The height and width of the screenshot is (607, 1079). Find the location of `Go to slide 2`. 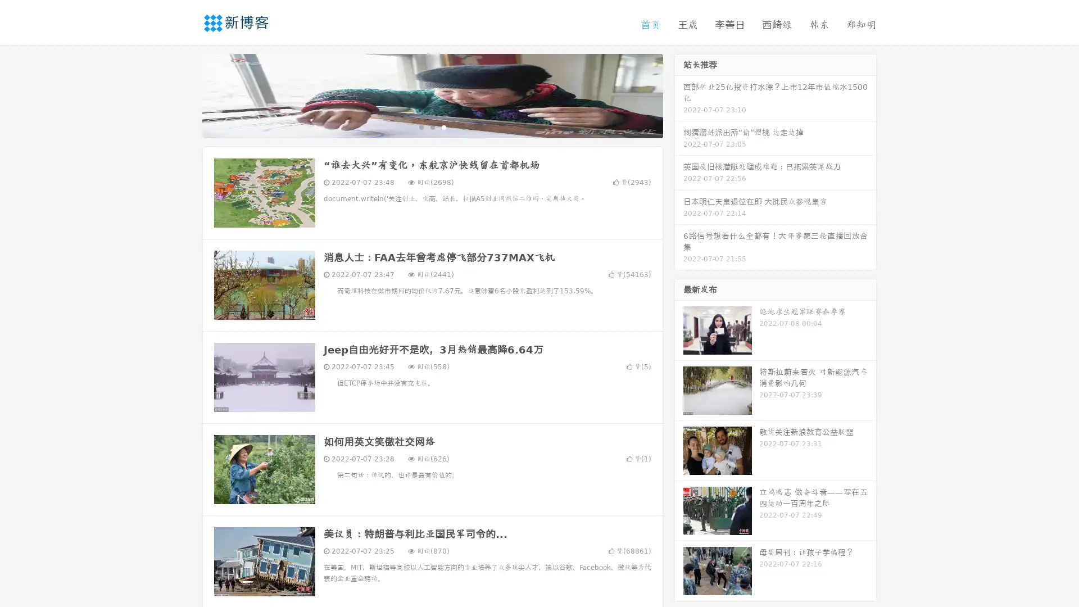

Go to slide 2 is located at coordinates (432, 126).